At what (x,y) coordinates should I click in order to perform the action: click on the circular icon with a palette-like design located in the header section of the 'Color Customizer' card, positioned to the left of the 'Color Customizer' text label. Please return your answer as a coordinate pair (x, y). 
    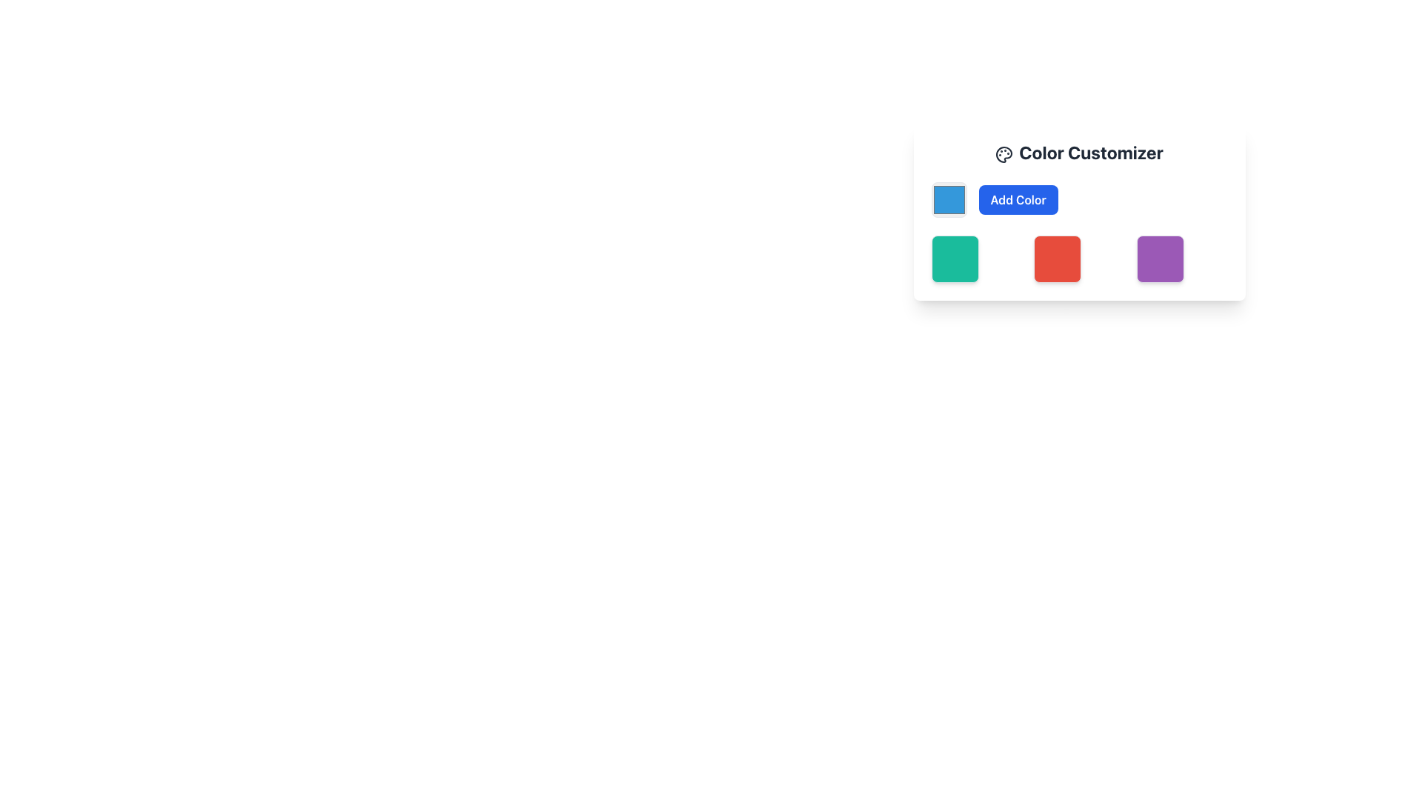
    Looking at the image, I should click on (1004, 154).